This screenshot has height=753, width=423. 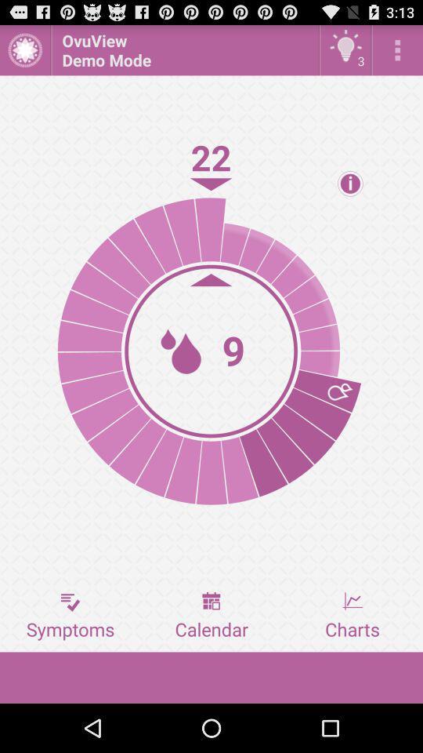 What do you see at coordinates (397, 49) in the screenshot?
I see `menu` at bounding box center [397, 49].